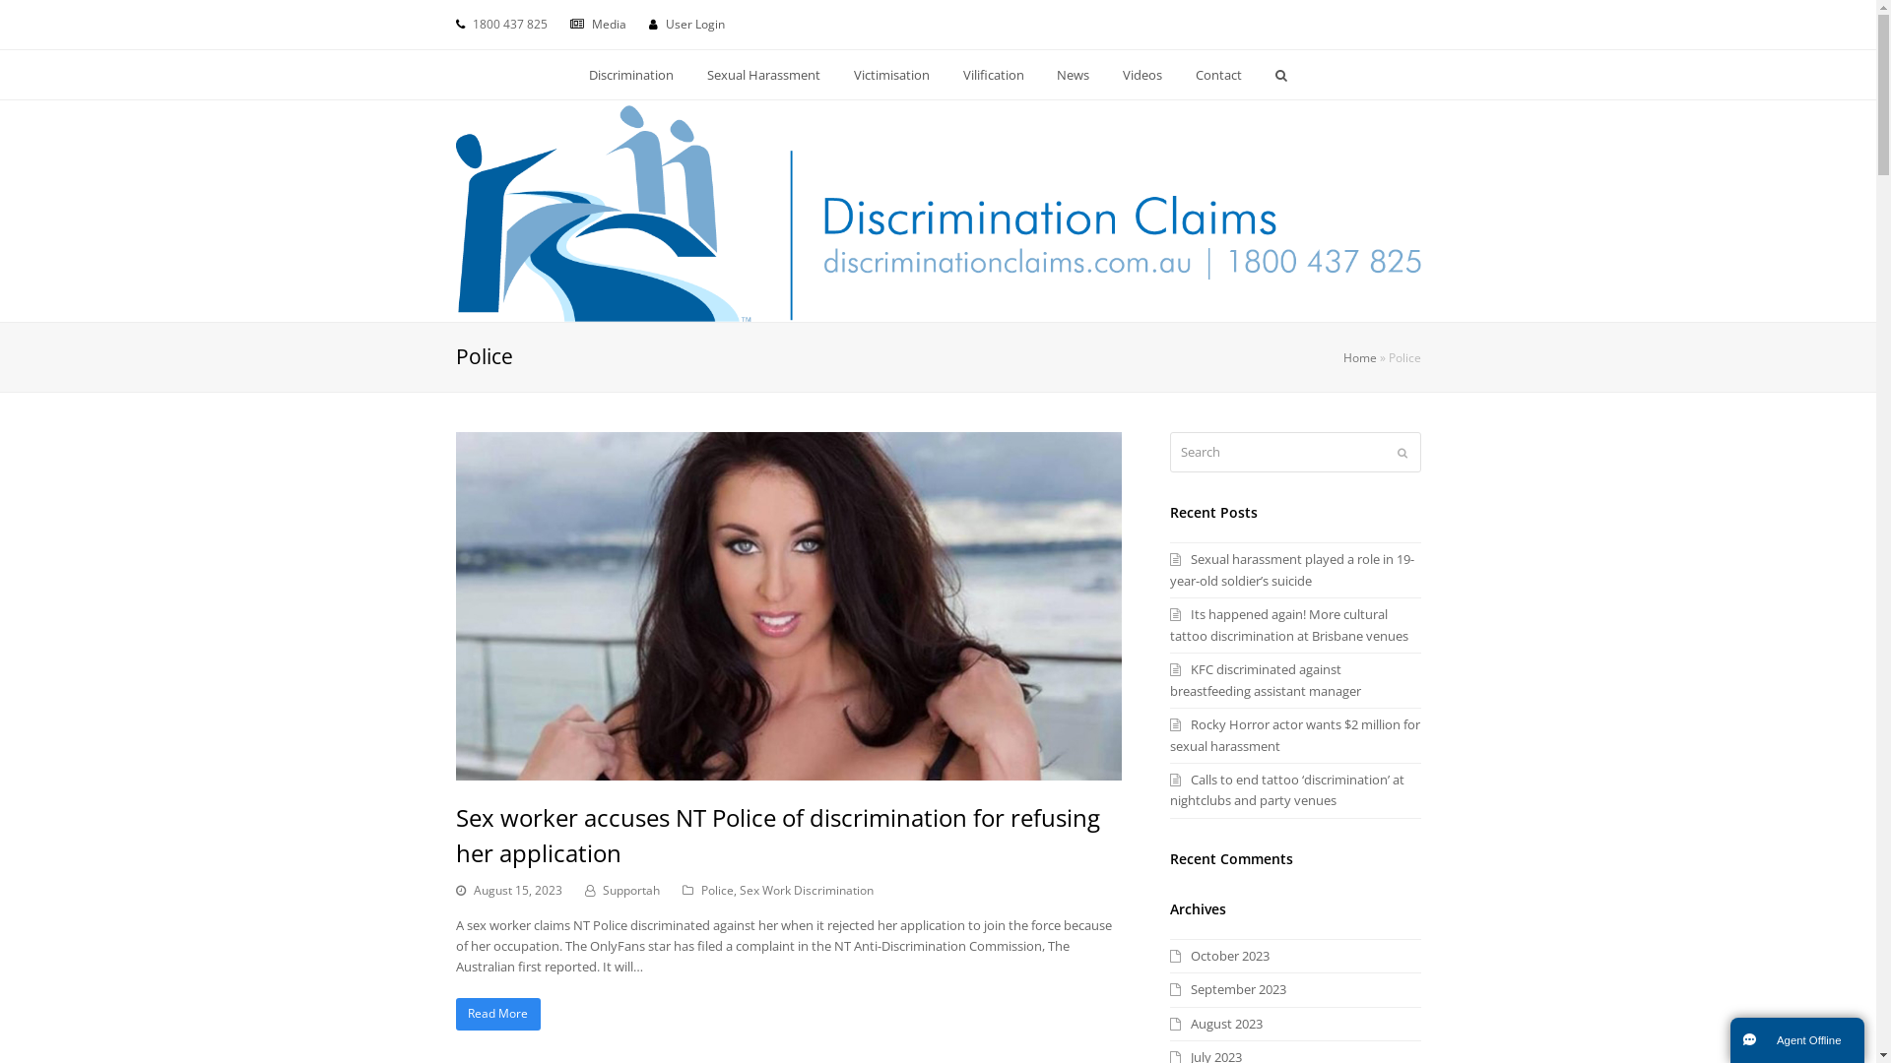 This screenshot has height=1063, width=1891. I want to click on 'October 2023', so click(1218, 955).